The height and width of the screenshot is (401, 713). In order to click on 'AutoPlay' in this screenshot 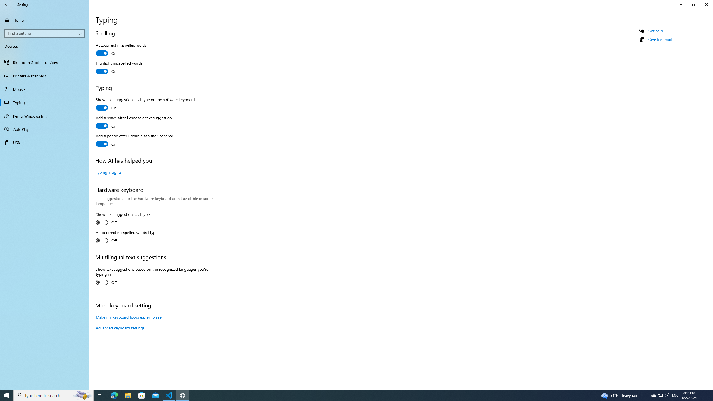, I will do `click(44, 129)`.